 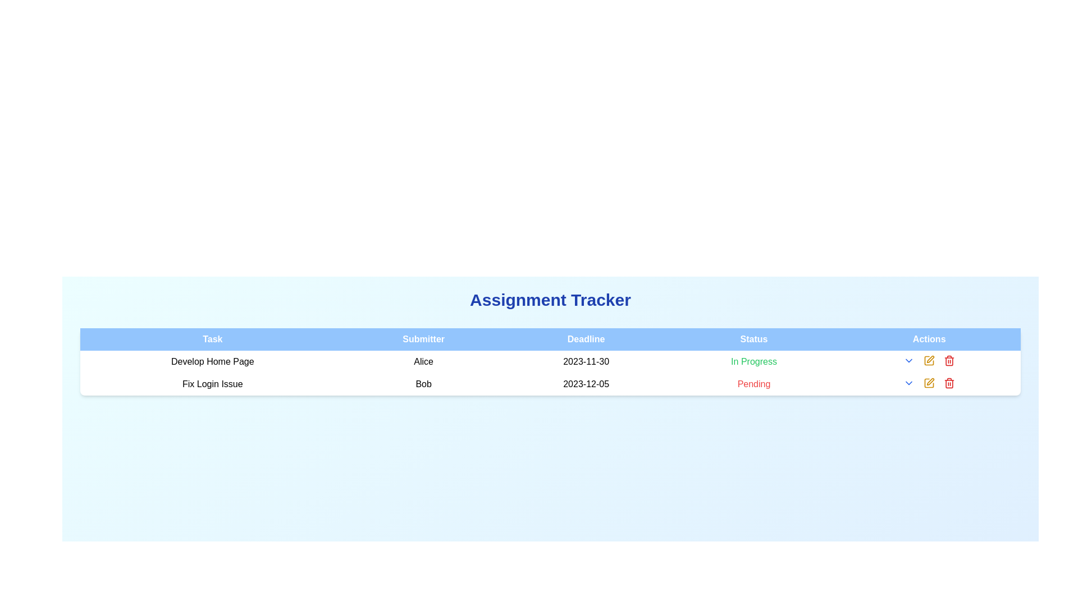 What do you see at coordinates (586, 339) in the screenshot?
I see `the 'Deadline' column header text label, which is the third column header in the table, positioned between 'Submitter' and 'Status'` at bounding box center [586, 339].